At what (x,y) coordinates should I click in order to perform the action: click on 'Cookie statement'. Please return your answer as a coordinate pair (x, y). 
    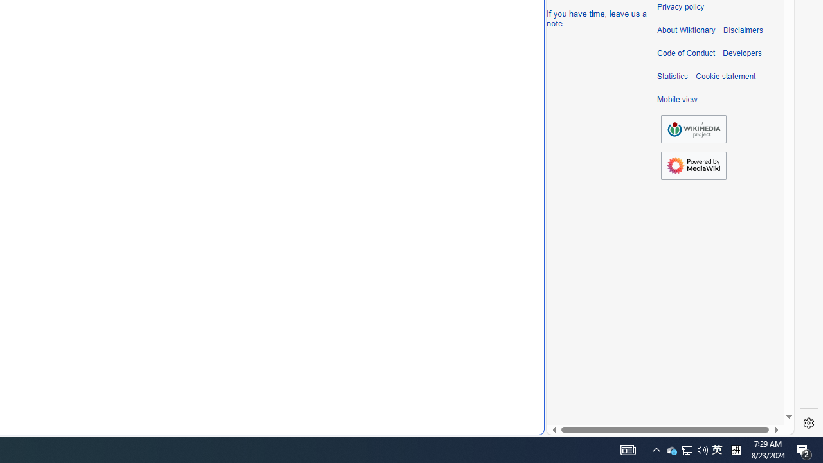
    Looking at the image, I should click on (725, 77).